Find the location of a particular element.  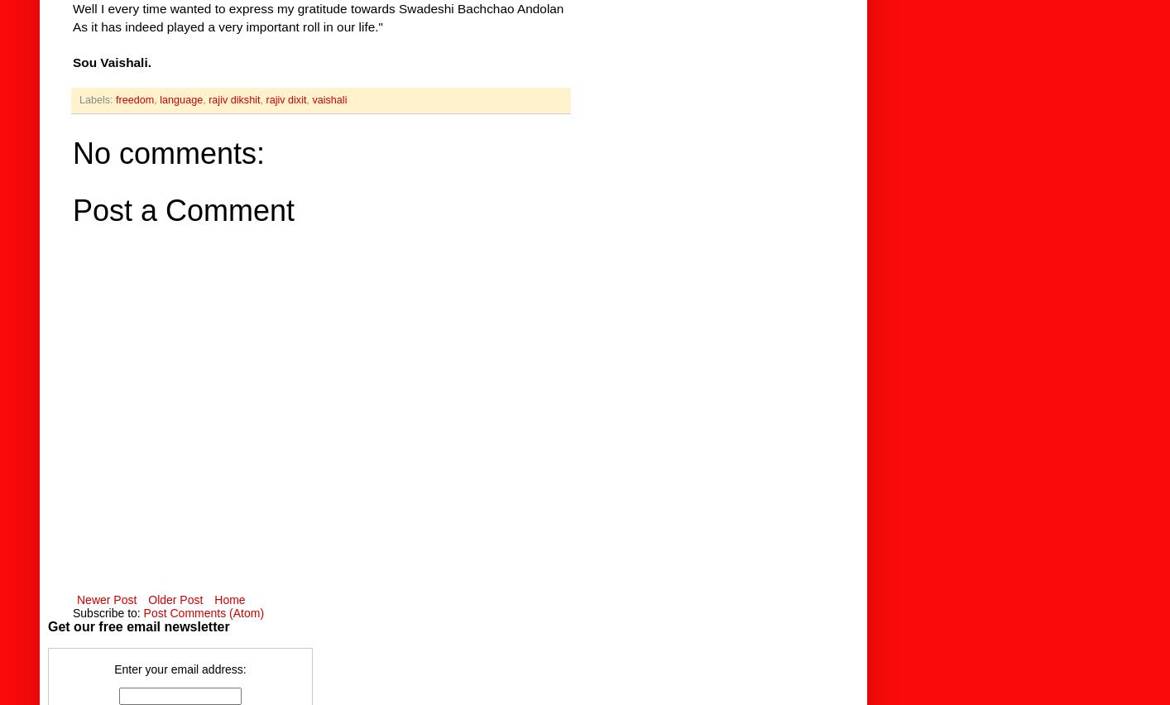

'Labels:' is located at coordinates (97, 99).